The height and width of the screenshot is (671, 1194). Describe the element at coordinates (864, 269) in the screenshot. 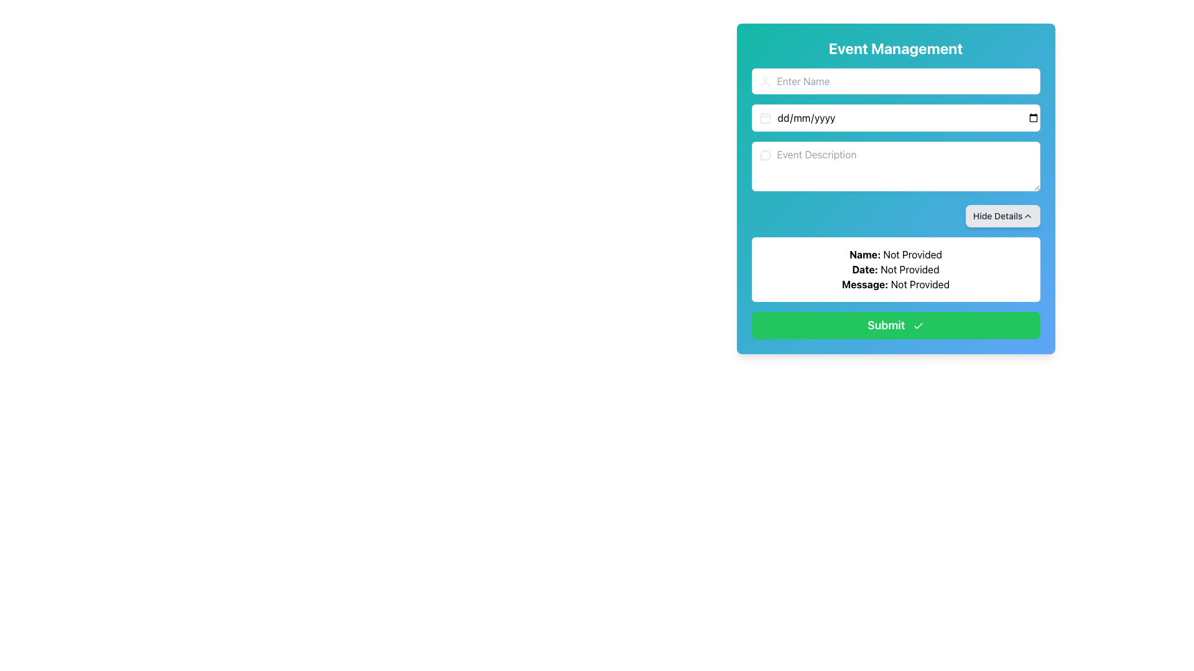

I see `the static text label that identifies the 'Date' information in the middle-lower part of the interface` at that location.